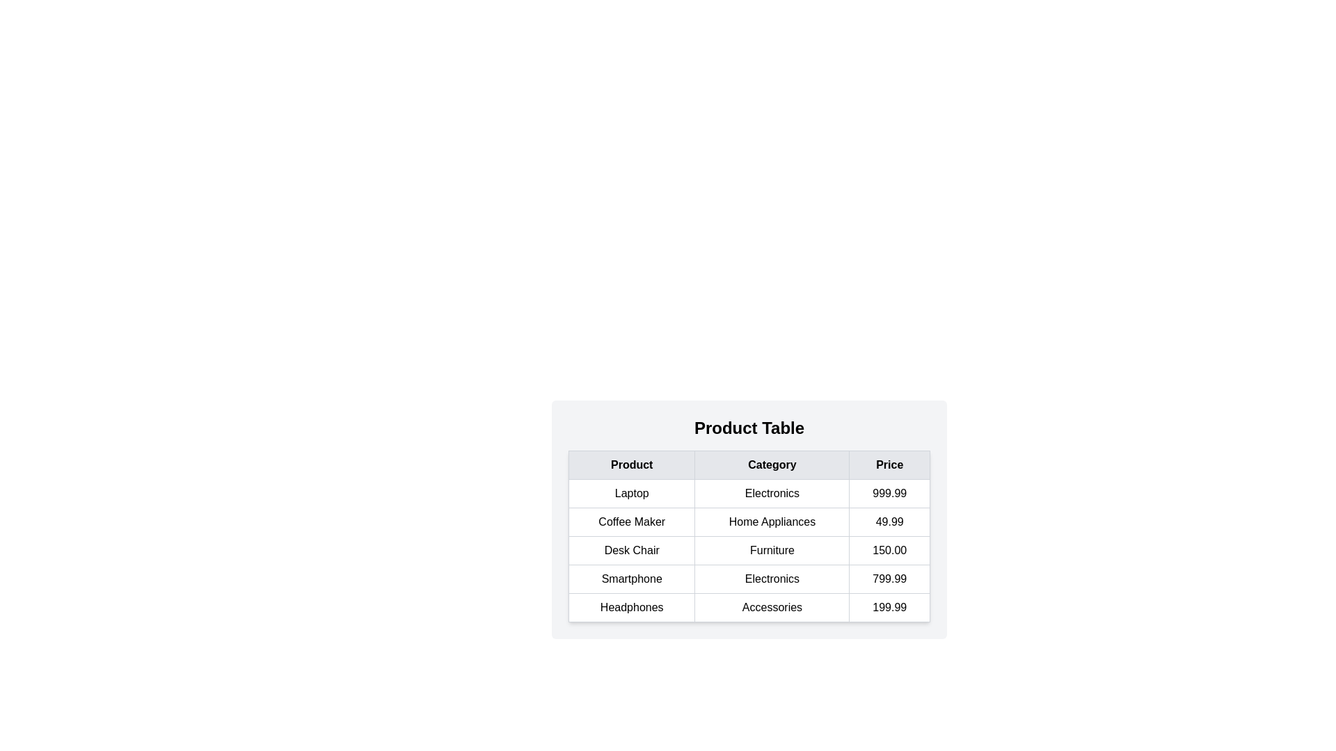 This screenshot has width=1336, height=751. What do you see at coordinates (748, 579) in the screenshot?
I see `the fourth row of the product information table, which displays details between 'Desk Chair, Furniture, 150.00' and 'Headphones, Accessories, 199.99'` at bounding box center [748, 579].